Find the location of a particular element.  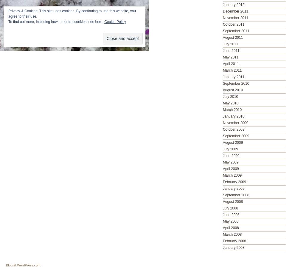

'August 2011' is located at coordinates (233, 37).